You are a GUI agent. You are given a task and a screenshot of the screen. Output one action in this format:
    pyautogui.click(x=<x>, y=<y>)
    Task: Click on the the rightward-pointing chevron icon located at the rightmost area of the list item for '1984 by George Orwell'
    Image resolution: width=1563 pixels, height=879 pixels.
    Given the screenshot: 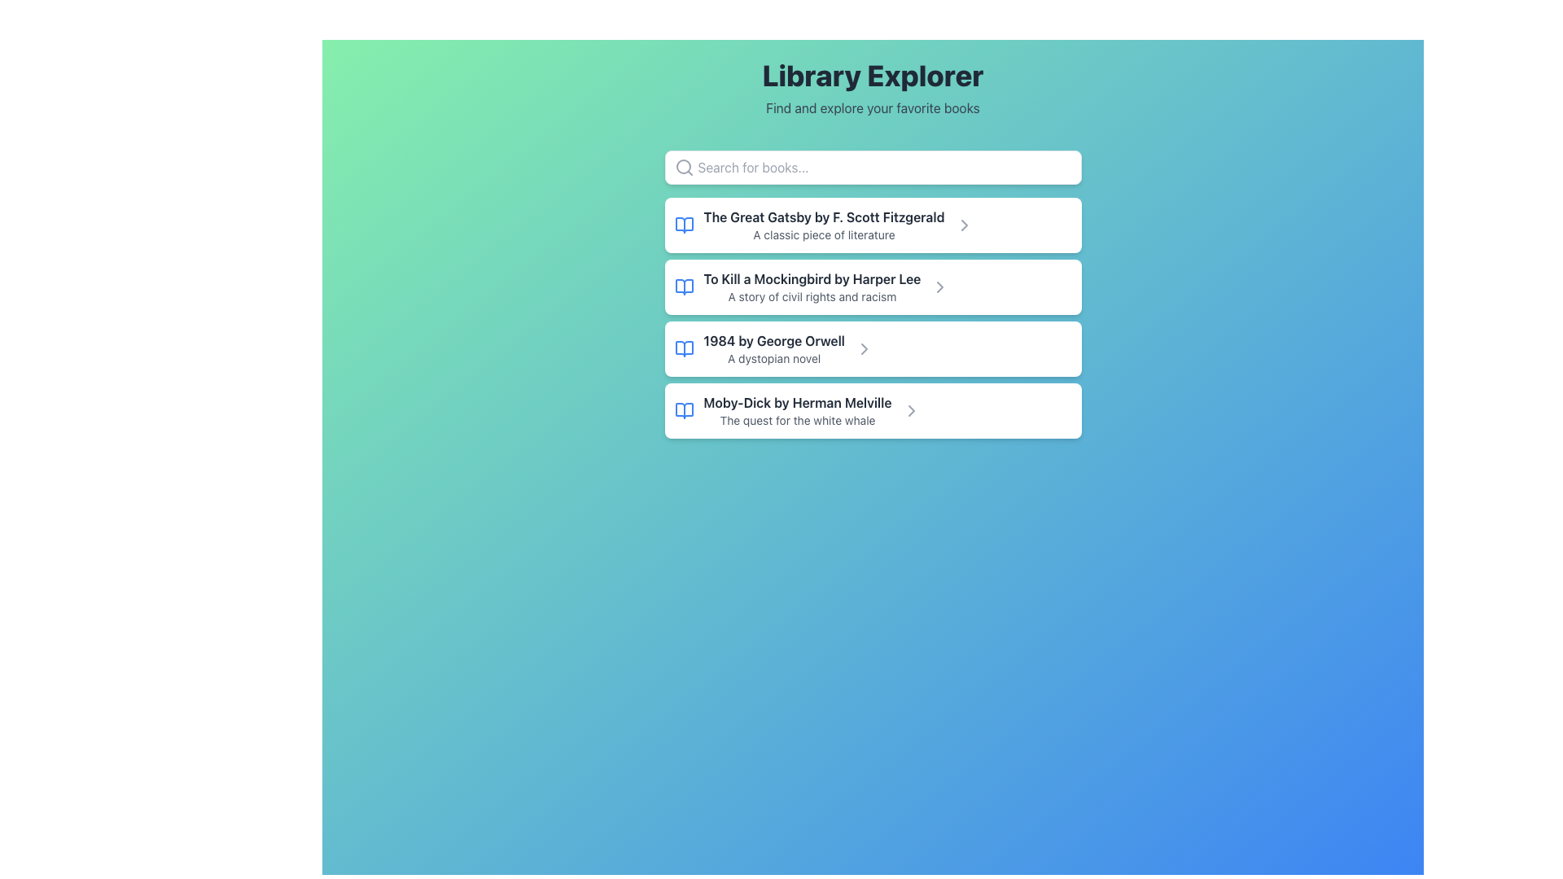 What is the action you would take?
    pyautogui.click(x=863, y=348)
    